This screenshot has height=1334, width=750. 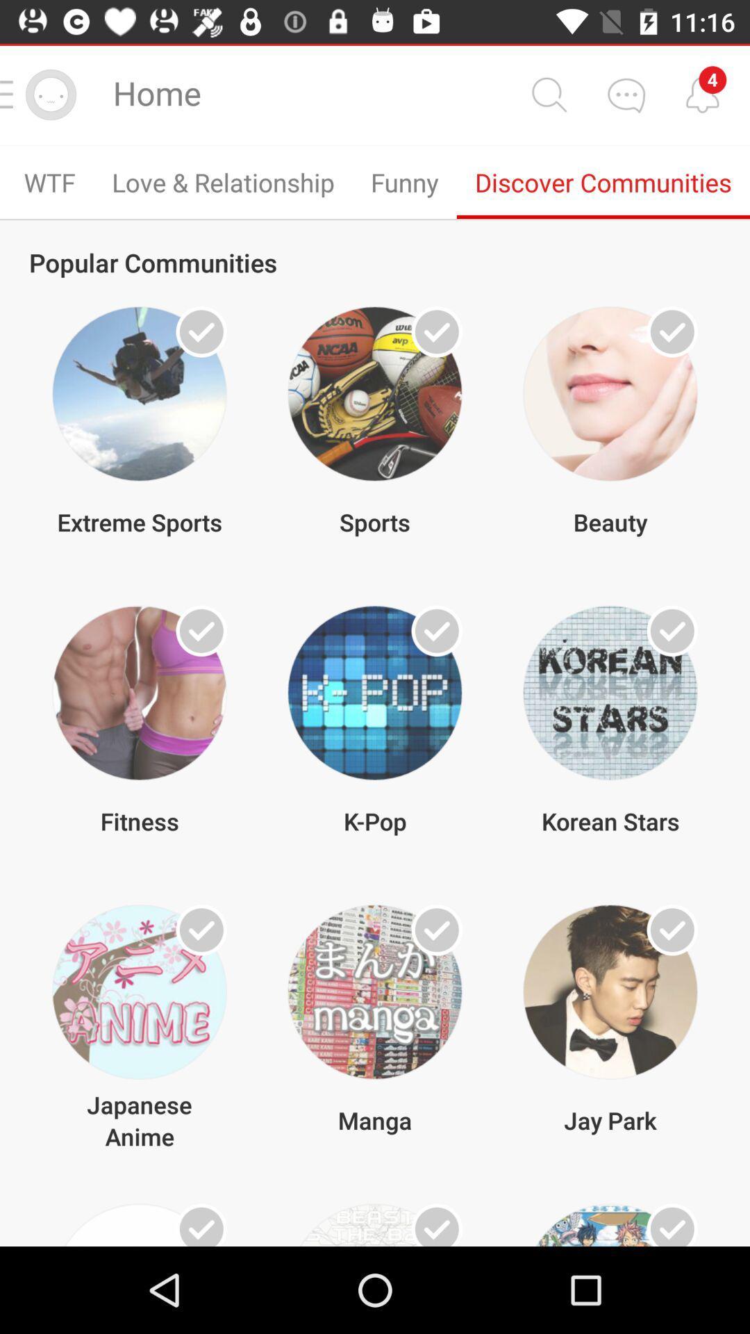 What do you see at coordinates (548, 94) in the screenshot?
I see `the search icon` at bounding box center [548, 94].